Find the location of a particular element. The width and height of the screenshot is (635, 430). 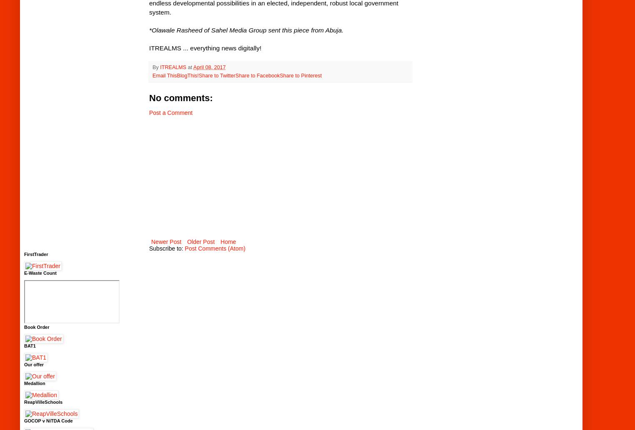

'*Olawale Rasheed of Sahel Media Group sent this piece from Abuja.' is located at coordinates (149, 30).